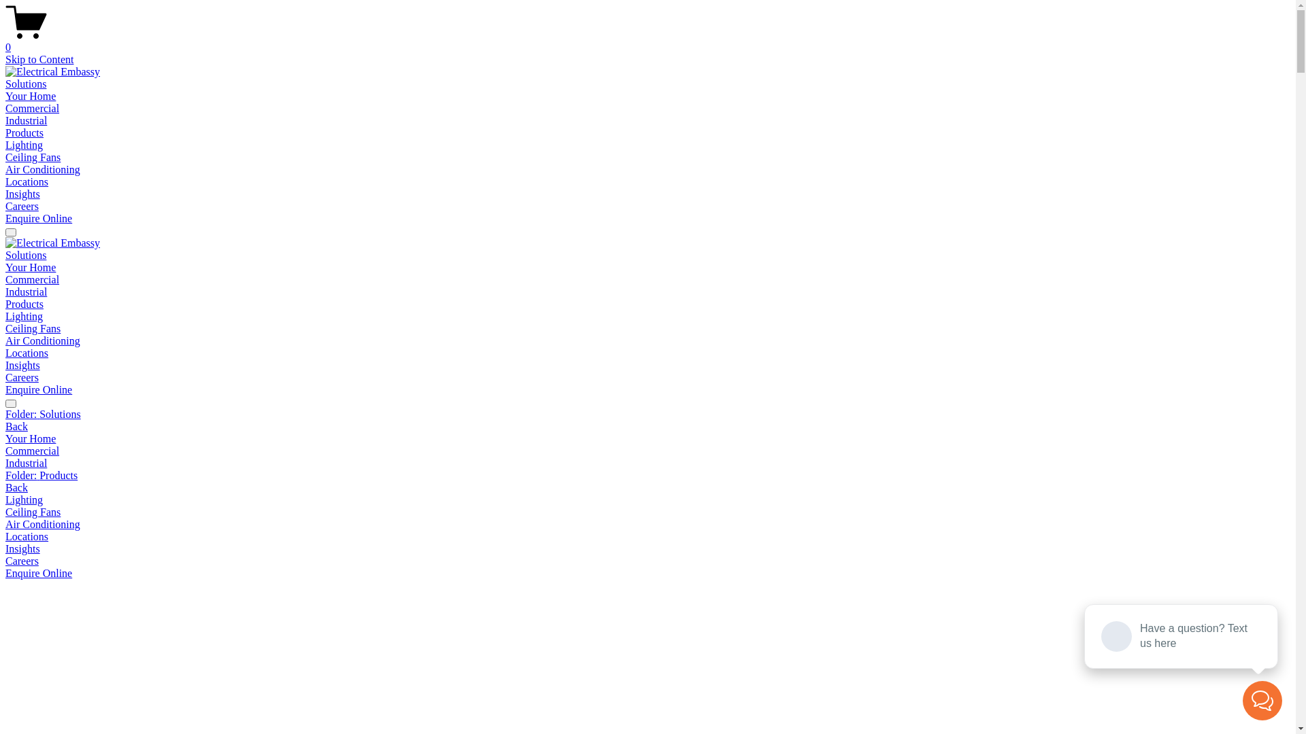  What do you see at coordinates (22, 377) in the screenshot?
I see `'Careers'` at bounding box center [22, 377].